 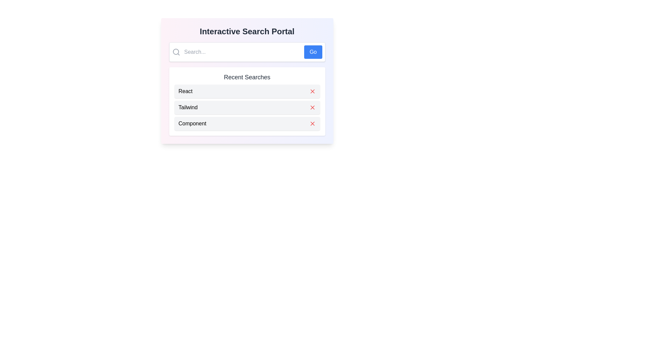 I want to click on the submit button located to the right of the 'Search...' text input field to enable keyboard interaction, so click(x=313, y=51).